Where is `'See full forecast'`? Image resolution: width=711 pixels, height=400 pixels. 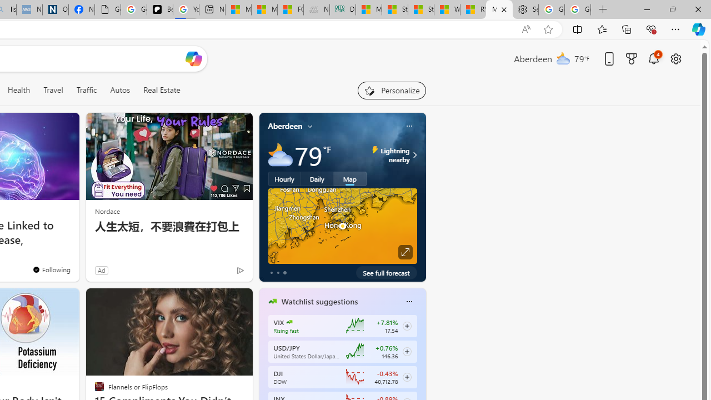
'See full forecast' is located at coordinates (386, 273).